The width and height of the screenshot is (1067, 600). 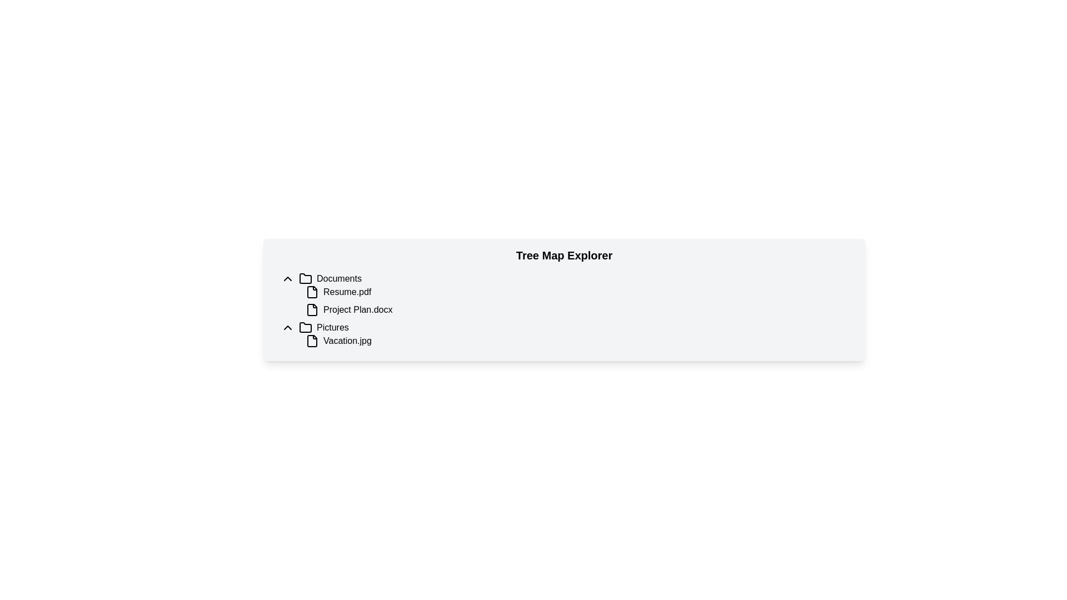 I want to click on the text label displaying 'Pictures', so click(x=332, y=327).